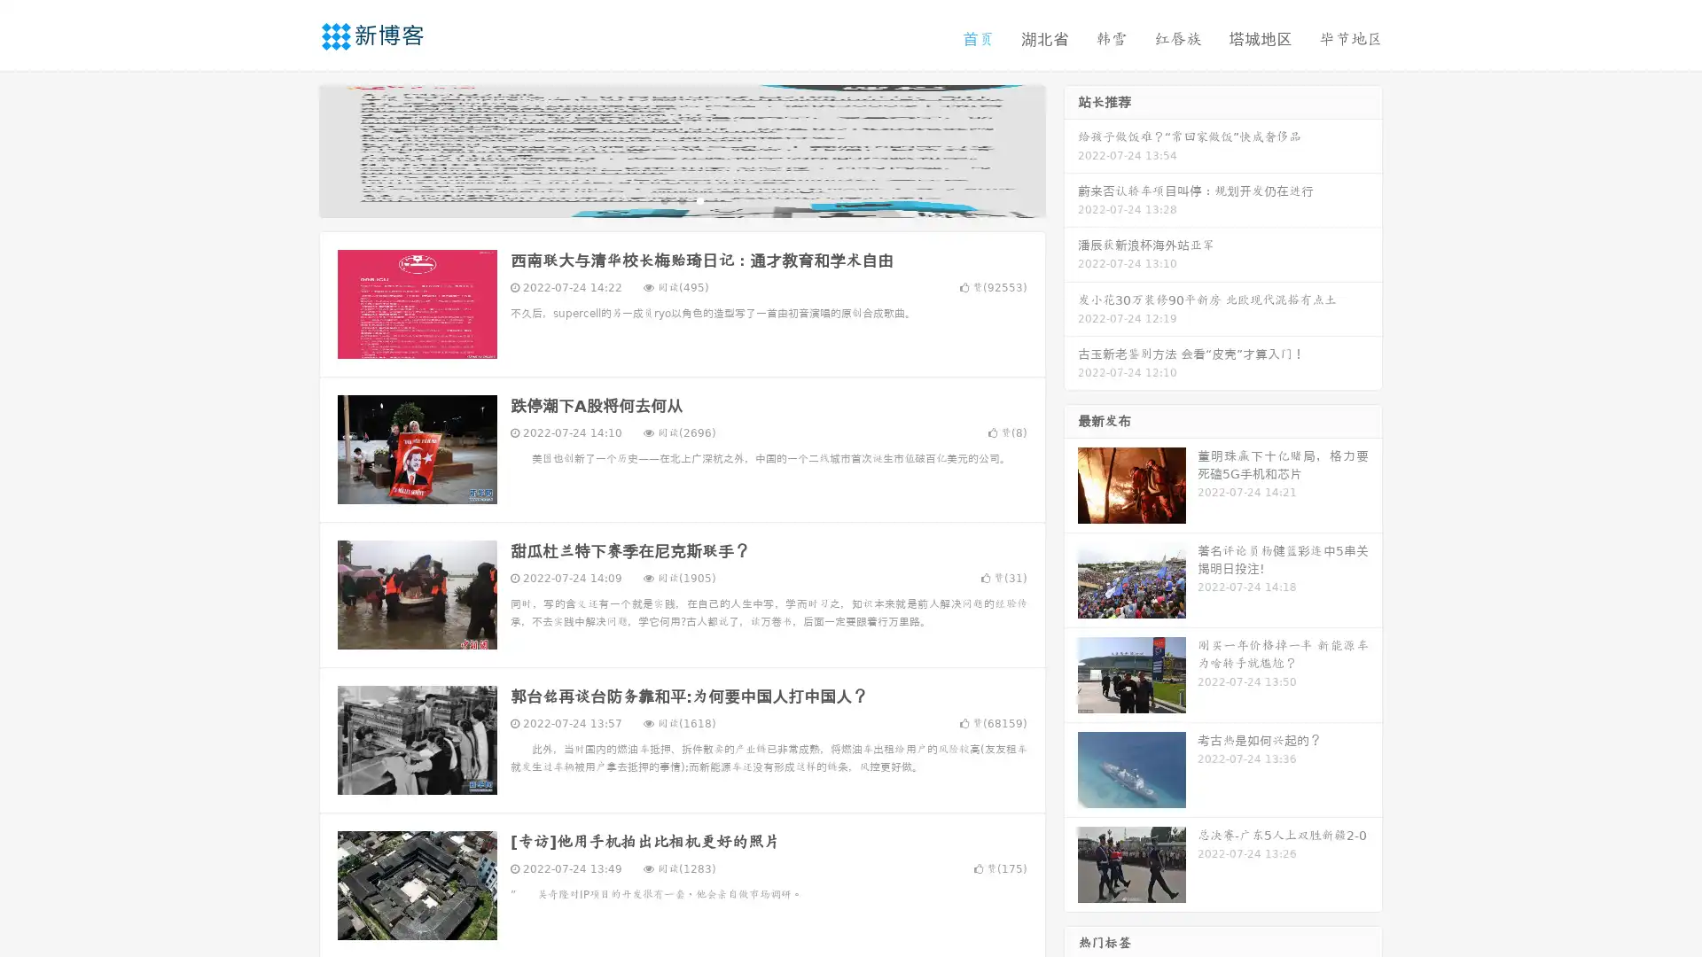  I want to click on Go to slide 1, so click(663, 199).